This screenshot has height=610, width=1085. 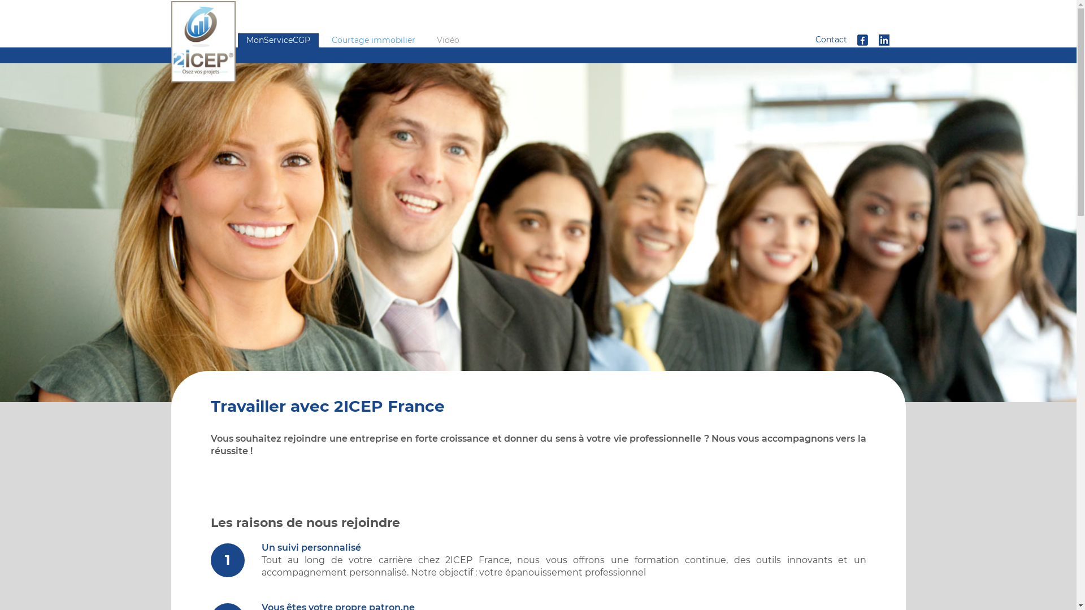 I want to click on 'Contact', so click(x=831, y=39).